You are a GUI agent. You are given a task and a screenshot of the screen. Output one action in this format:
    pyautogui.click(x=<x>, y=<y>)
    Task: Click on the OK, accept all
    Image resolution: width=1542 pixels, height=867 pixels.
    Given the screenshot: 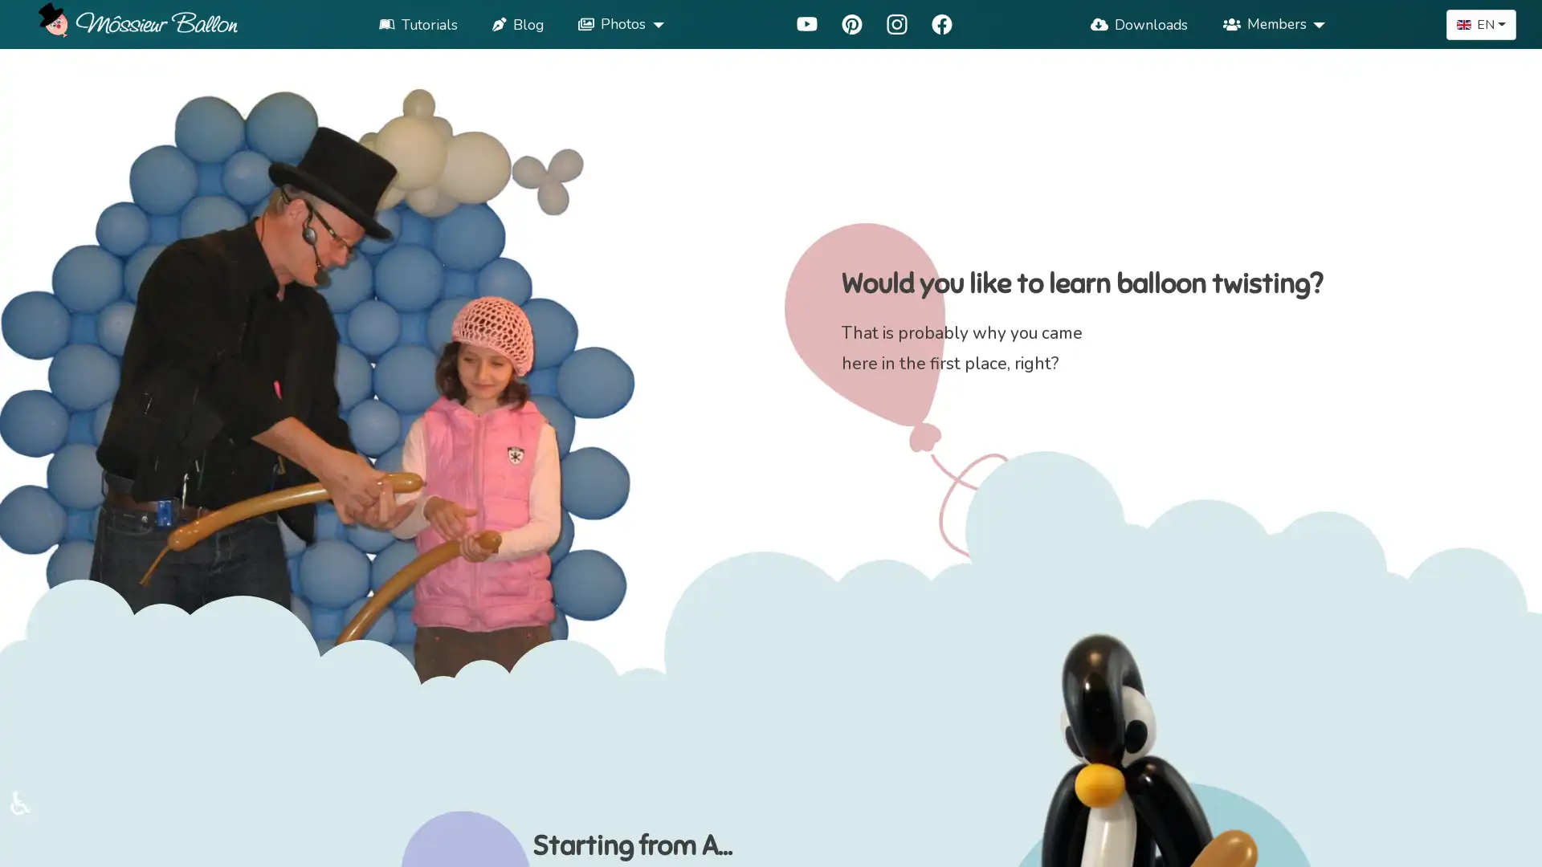 What is the action you would take?
    pyautogui.click(x=853, y=844)
    